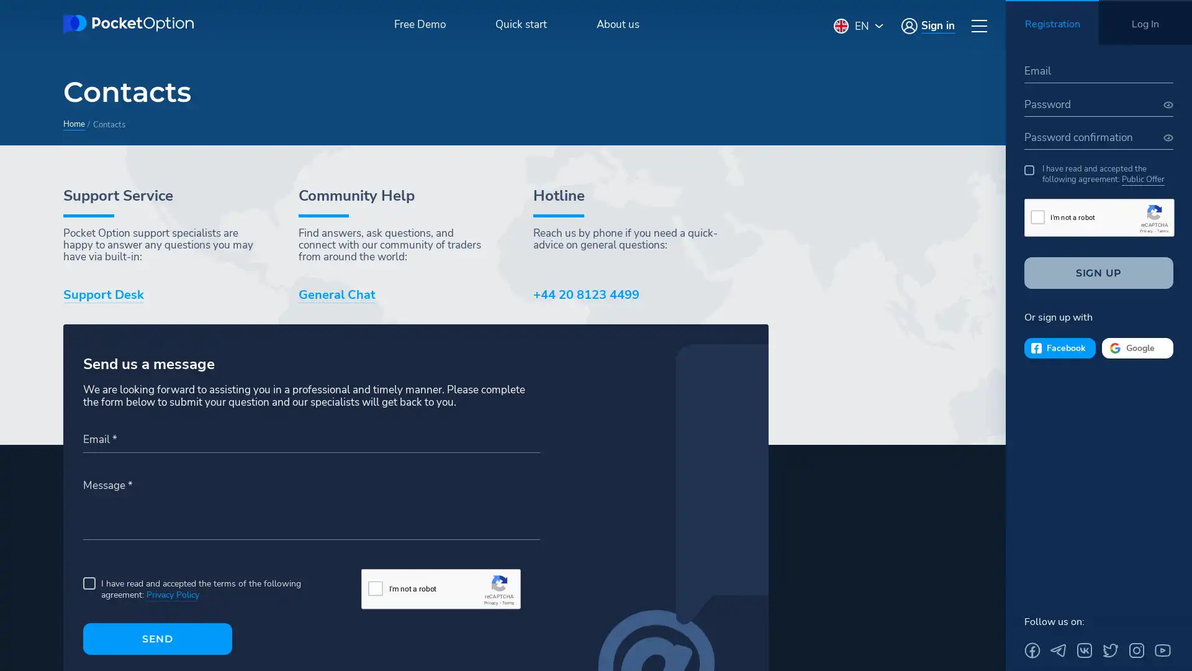 The width and height of the screenshot is (1192, 671). I want to click on SEND, so click(157, 638).